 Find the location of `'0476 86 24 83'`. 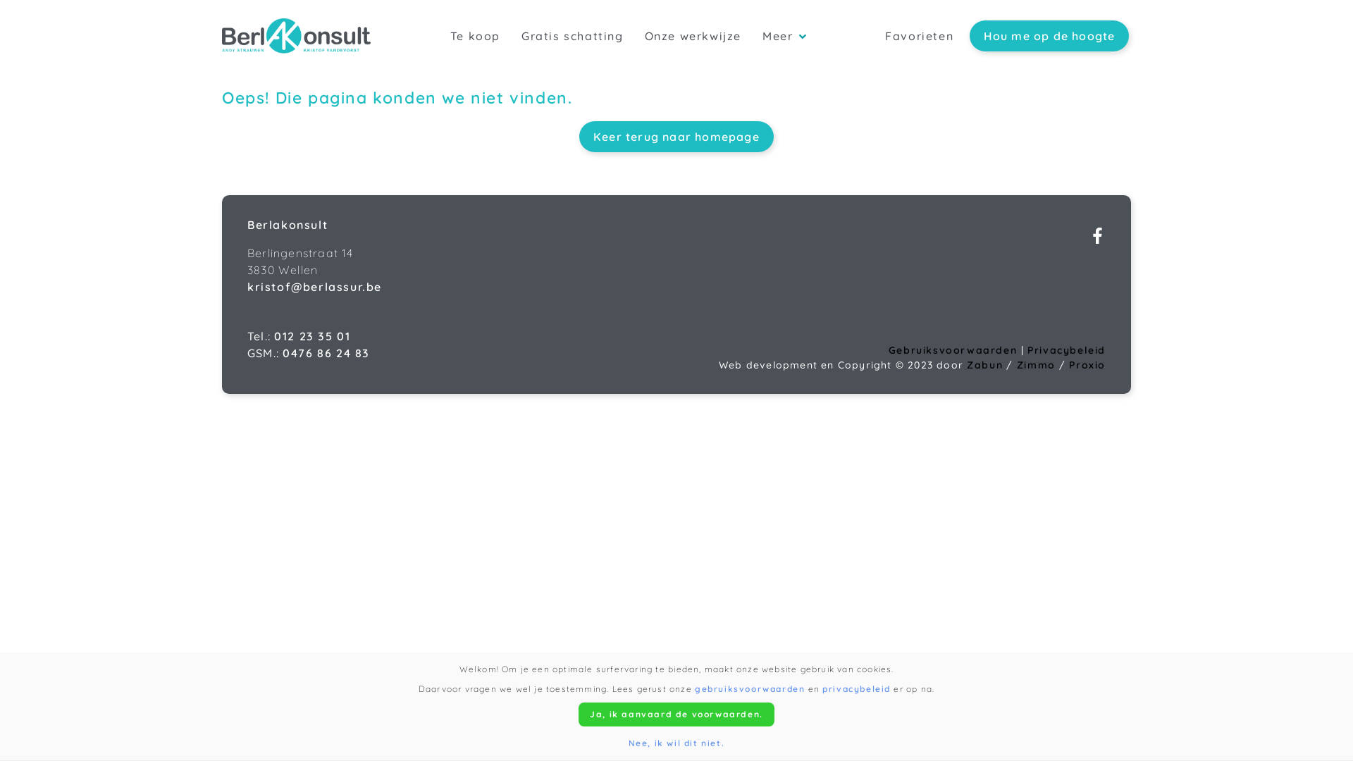

'0476 86 24 83' is located at coordinates (325, 352).